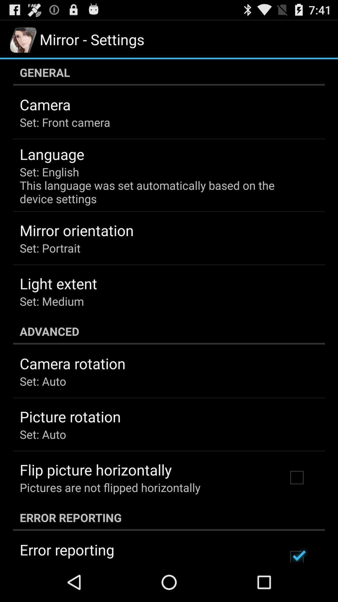 This screenshot has width=338, height=602. What do you see at coordinates (169, 331) in the screenshot?
I see `app above camera rotation` at bounding box center [169, 331].